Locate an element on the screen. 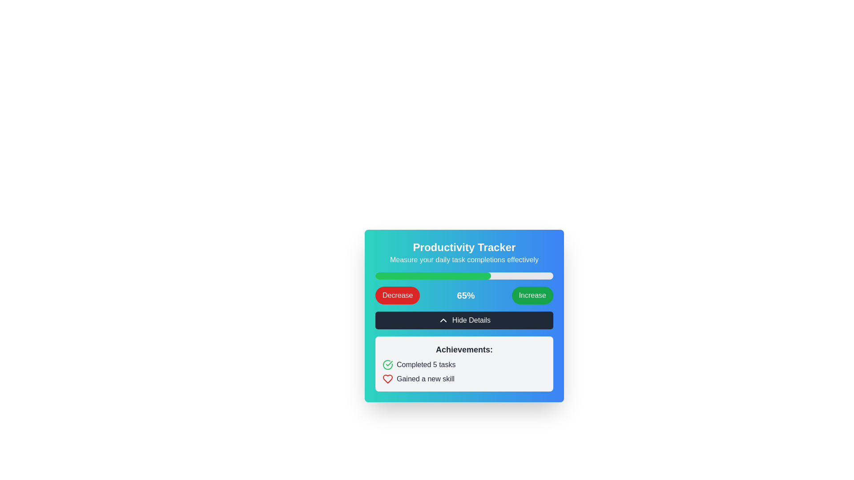  the button that decreases the percentage value in the 'Productivity Tracker' interface to trigger its hover effect is located at coordinates (397, 295).